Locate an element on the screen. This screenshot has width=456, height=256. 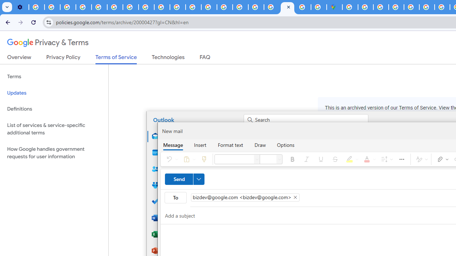
'Font color' is located at coordinates (368, 159).